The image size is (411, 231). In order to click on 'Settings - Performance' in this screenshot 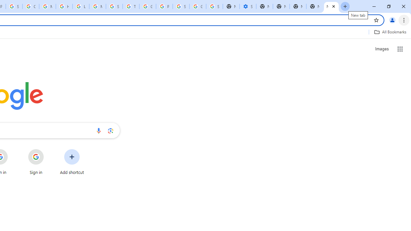, I will do `click(247, 6)`.